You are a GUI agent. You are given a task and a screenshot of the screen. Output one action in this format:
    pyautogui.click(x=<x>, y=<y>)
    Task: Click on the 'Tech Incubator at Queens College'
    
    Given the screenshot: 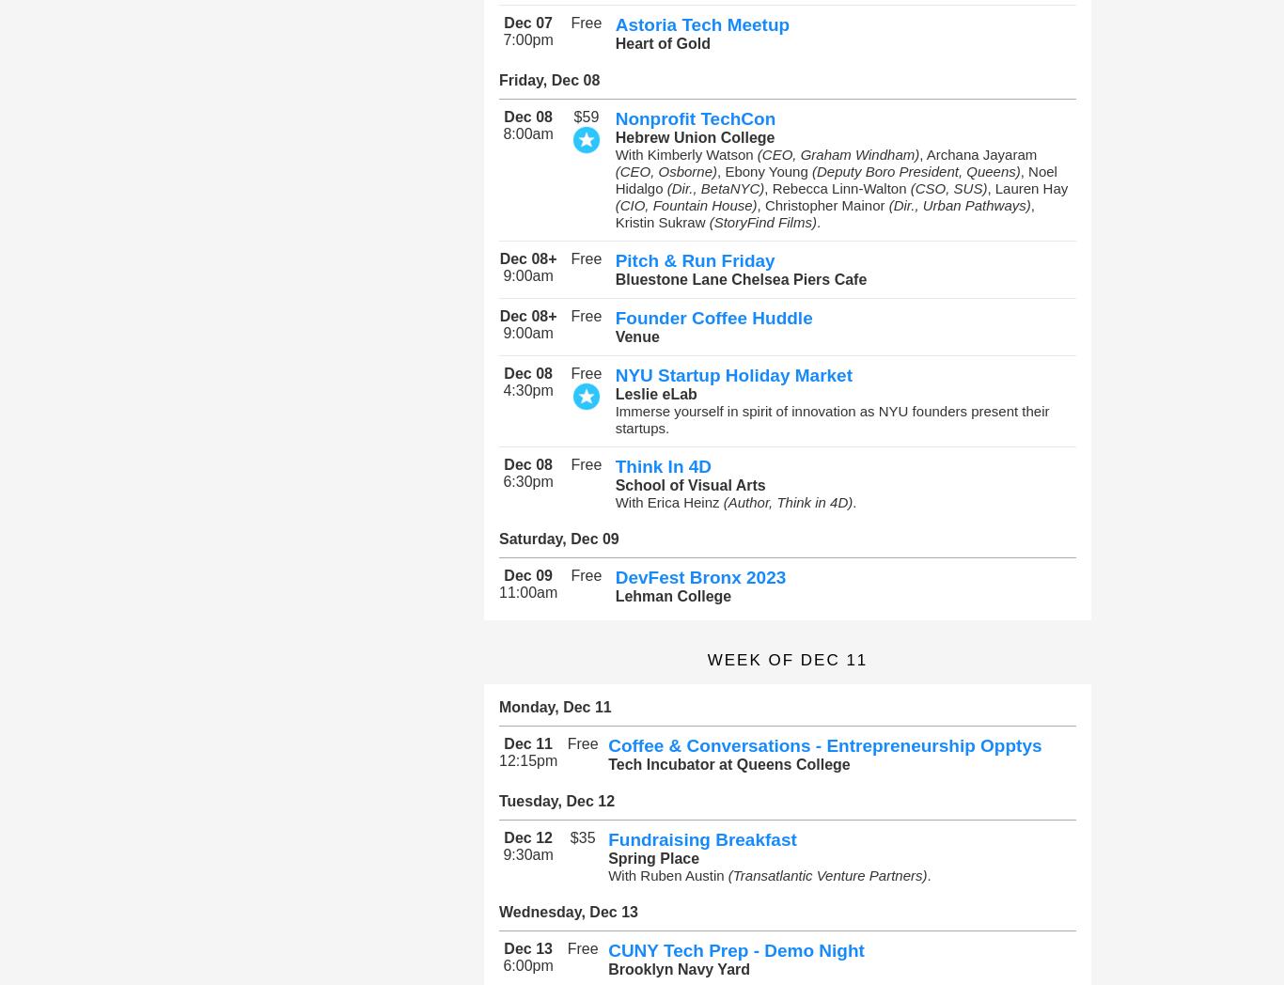 What is the action you would take?
    pyautogui.click(x=606, y=763)
    